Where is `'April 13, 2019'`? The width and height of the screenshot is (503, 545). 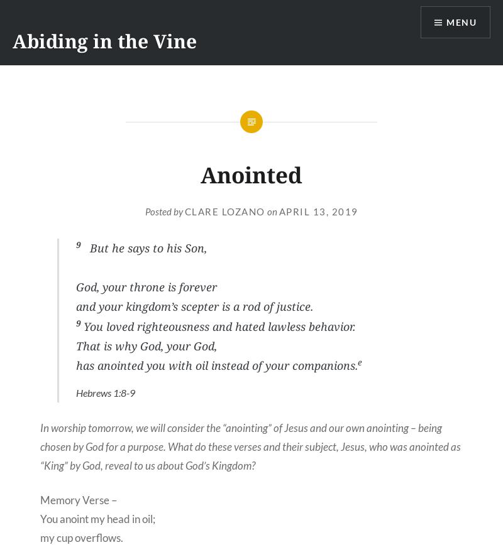
'April 13, 2019' is located at coordinates (317, 211).